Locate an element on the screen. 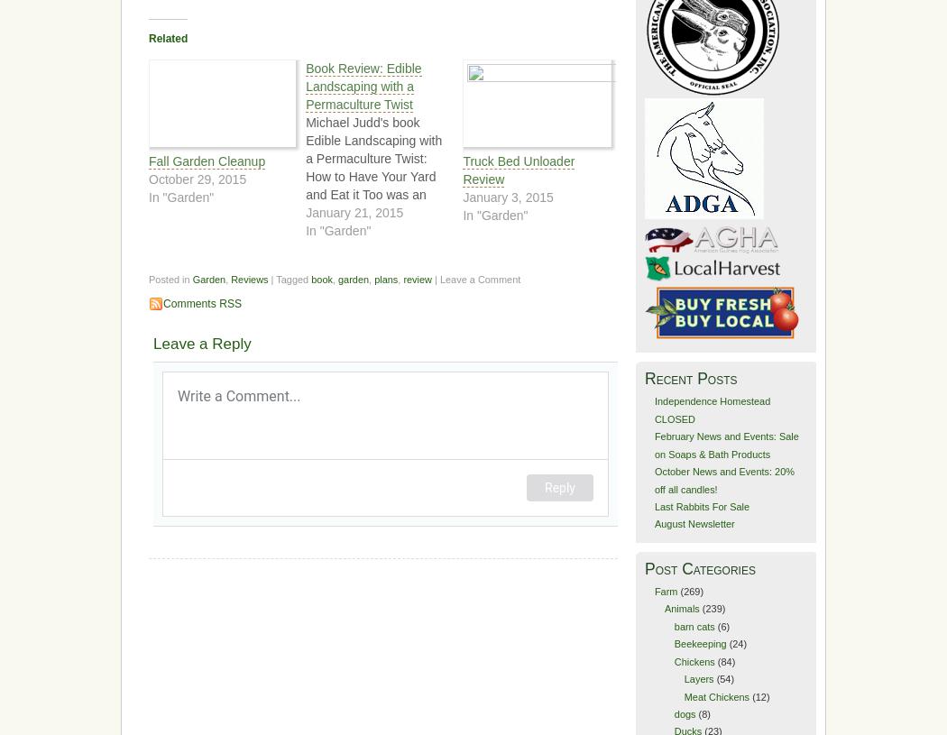 The image size is (947, 735). 'Independence Homestead CLOSED' is located at coordinates (653, 409).